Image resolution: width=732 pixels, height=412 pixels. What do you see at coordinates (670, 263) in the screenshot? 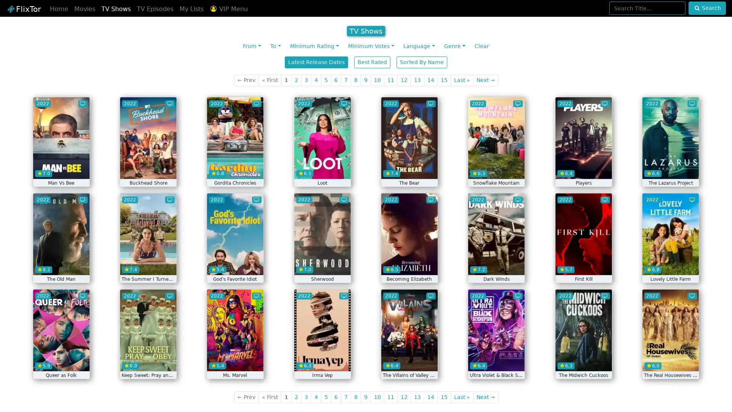
I see `Watch Now` at bounding box center [670, 263].